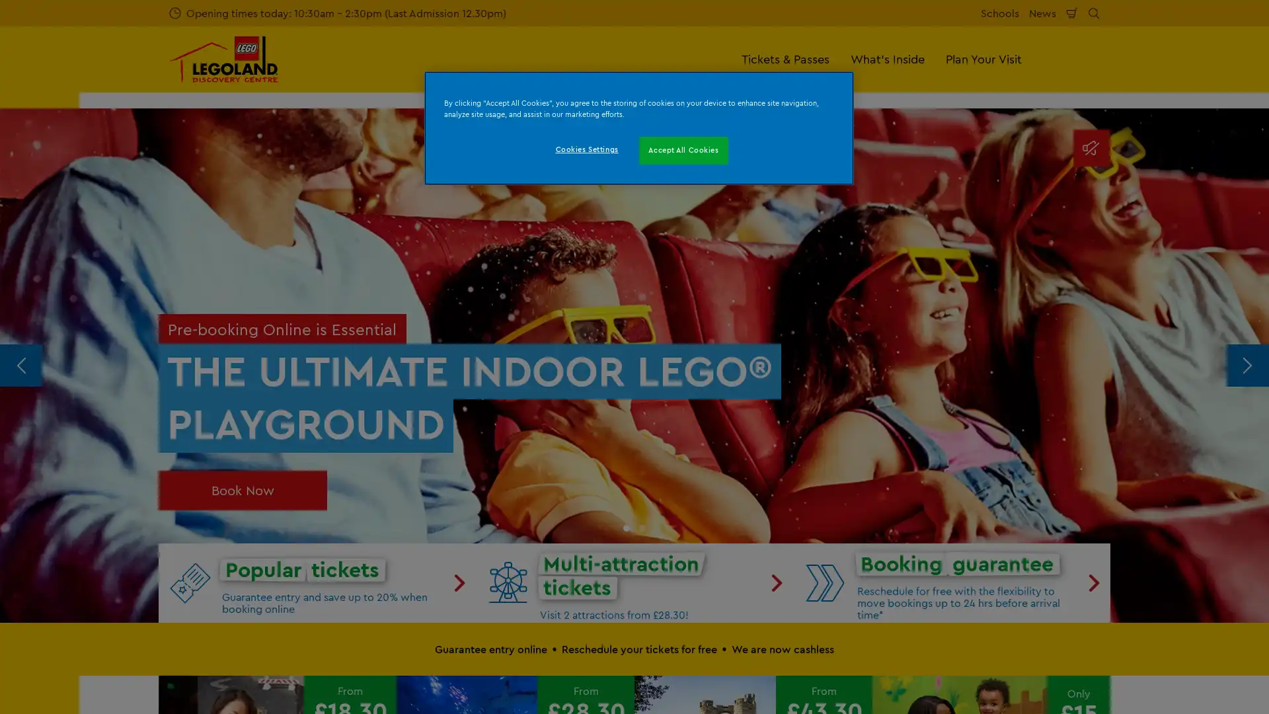 Image resolution: width=1269 pixels, height=714 pixels. Describe the element at coordinates (586, 149) in the screenshot. I see `Cookies Settings` at that location.